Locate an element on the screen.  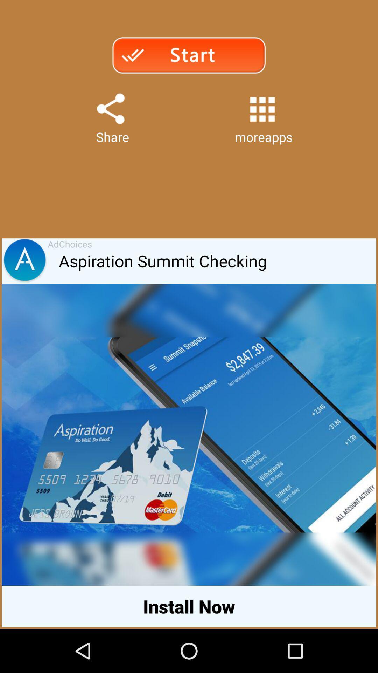
the share icon is located at coordinates (110, 116).